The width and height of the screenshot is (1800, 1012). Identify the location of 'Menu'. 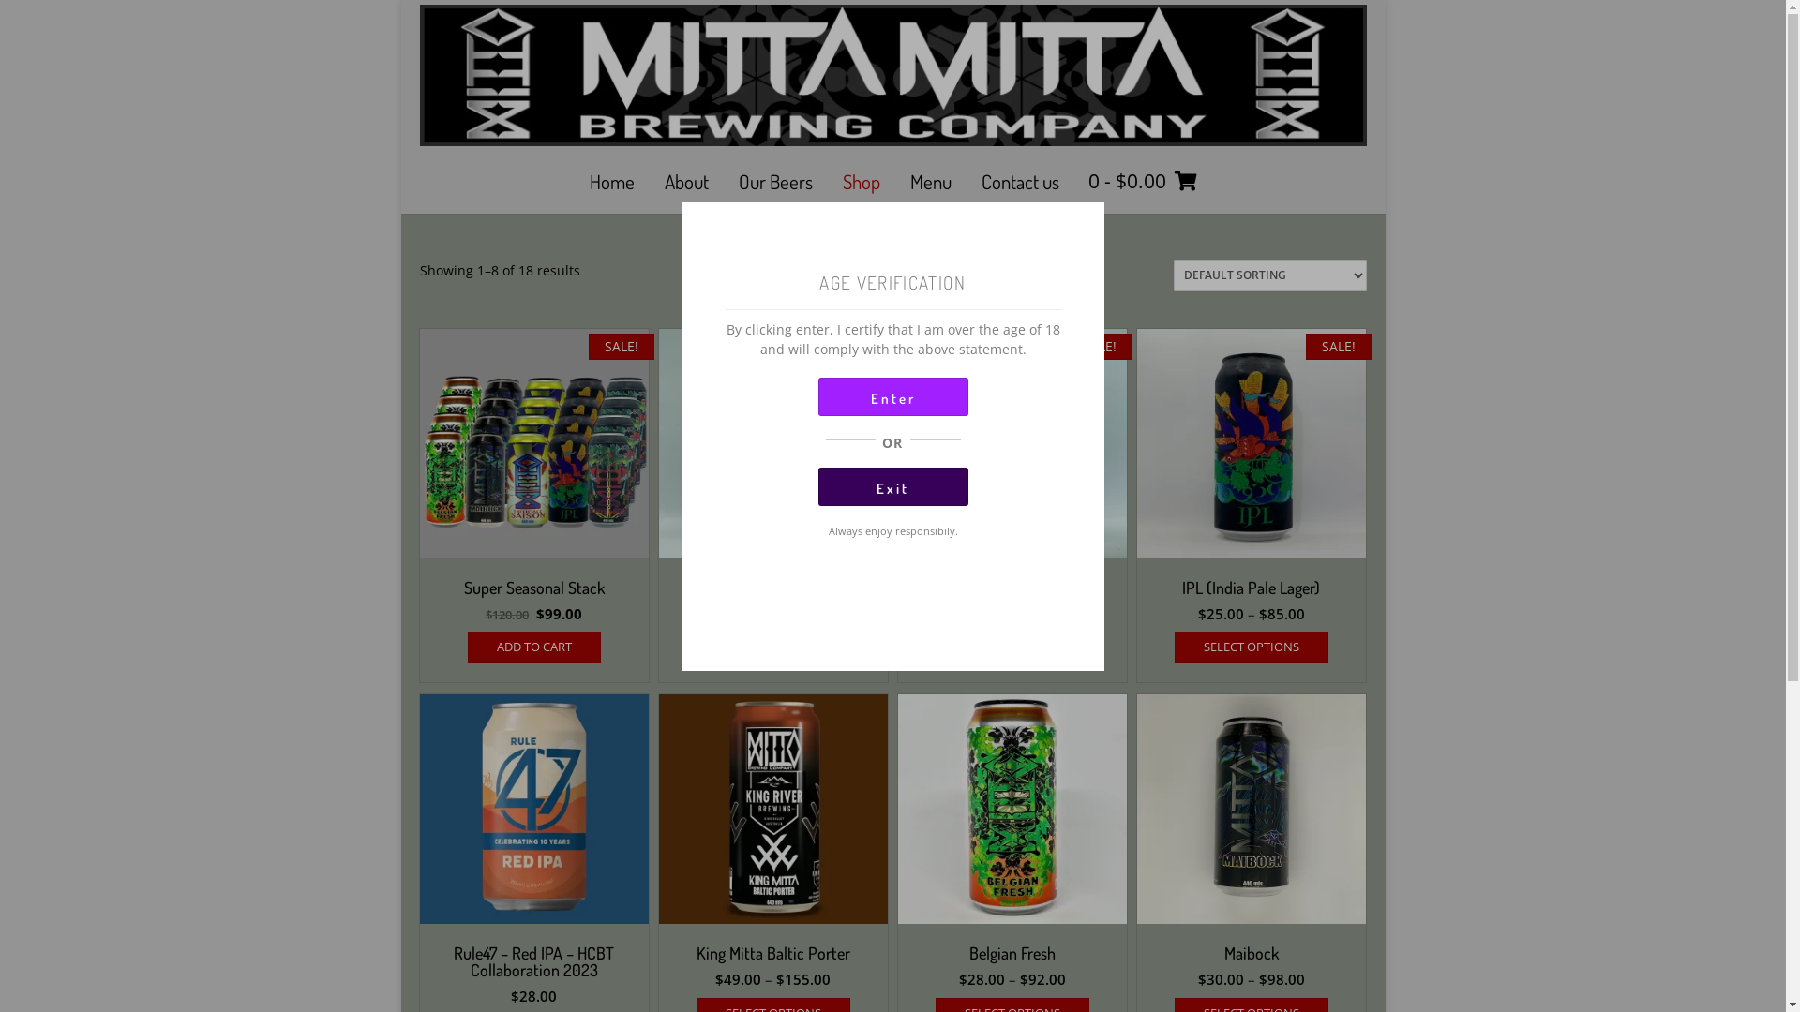
(931, 184).